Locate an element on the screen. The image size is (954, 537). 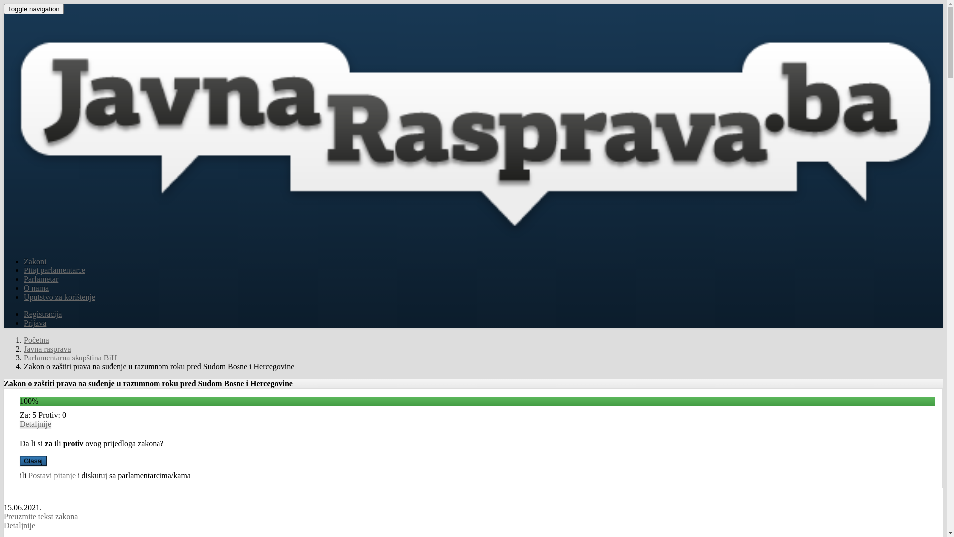
'Postavi pitanje' is located at coordinates (28, 475).